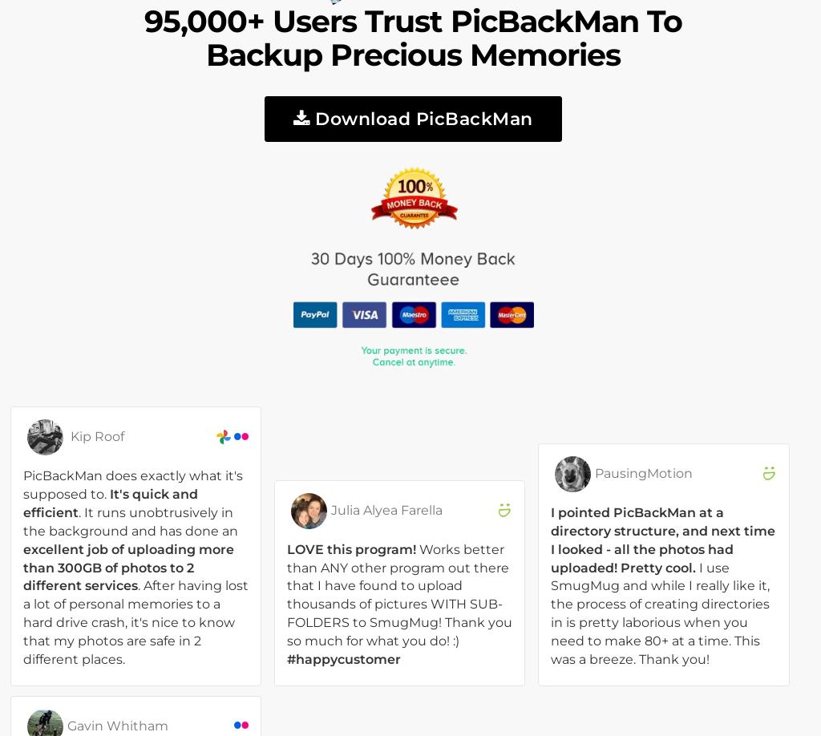 The width and height of the screenshot is (821, 736). What do you see at coordinates (286, 658) in the screenshot?
I see `'#happycustomer'` at bounding box center [286, 658].